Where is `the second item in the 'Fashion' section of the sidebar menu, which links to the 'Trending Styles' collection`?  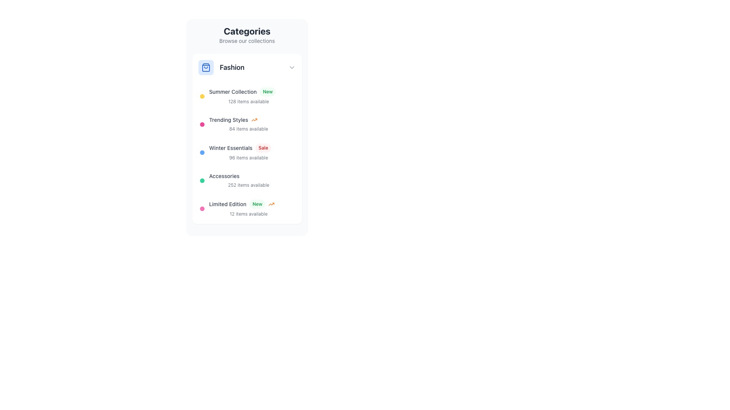
the second item in the 'Fashion' section of the sidebar menu, which links to the 'Trending Styles' collection is located at coordinates (247, 124).